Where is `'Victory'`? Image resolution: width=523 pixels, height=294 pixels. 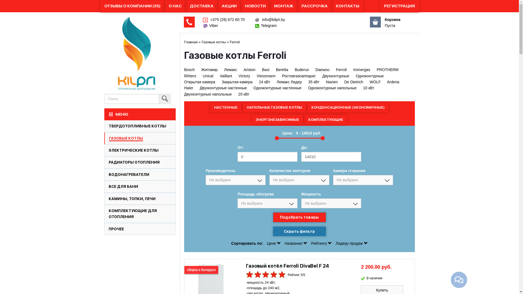 'Victory' is located at coordinates (244, 76).